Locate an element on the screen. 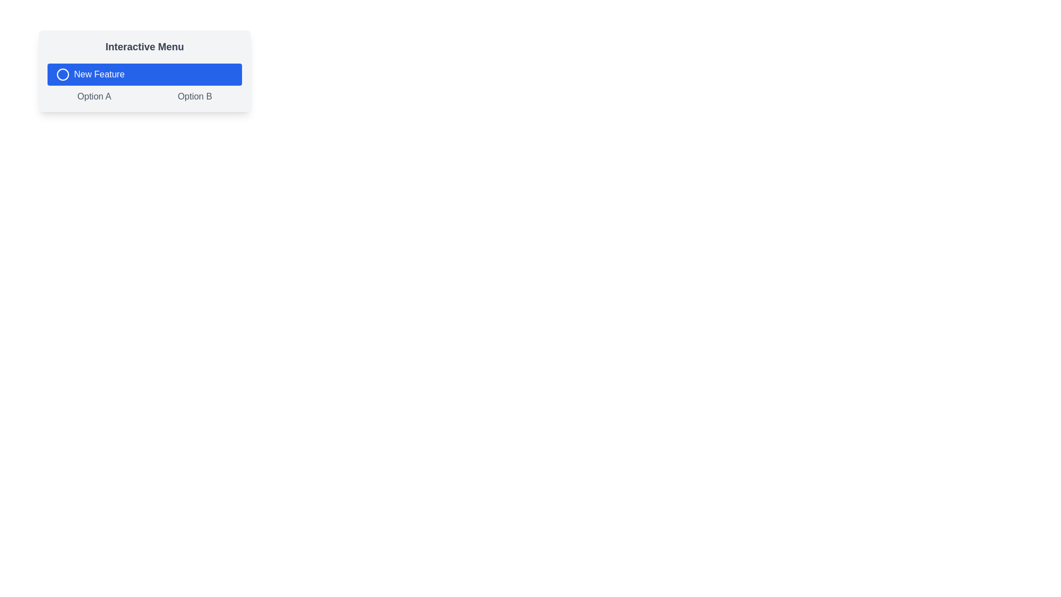 The image size is (1061, 597). the interactive text link labeled 'Option A' is located at coordinates (94, 96).